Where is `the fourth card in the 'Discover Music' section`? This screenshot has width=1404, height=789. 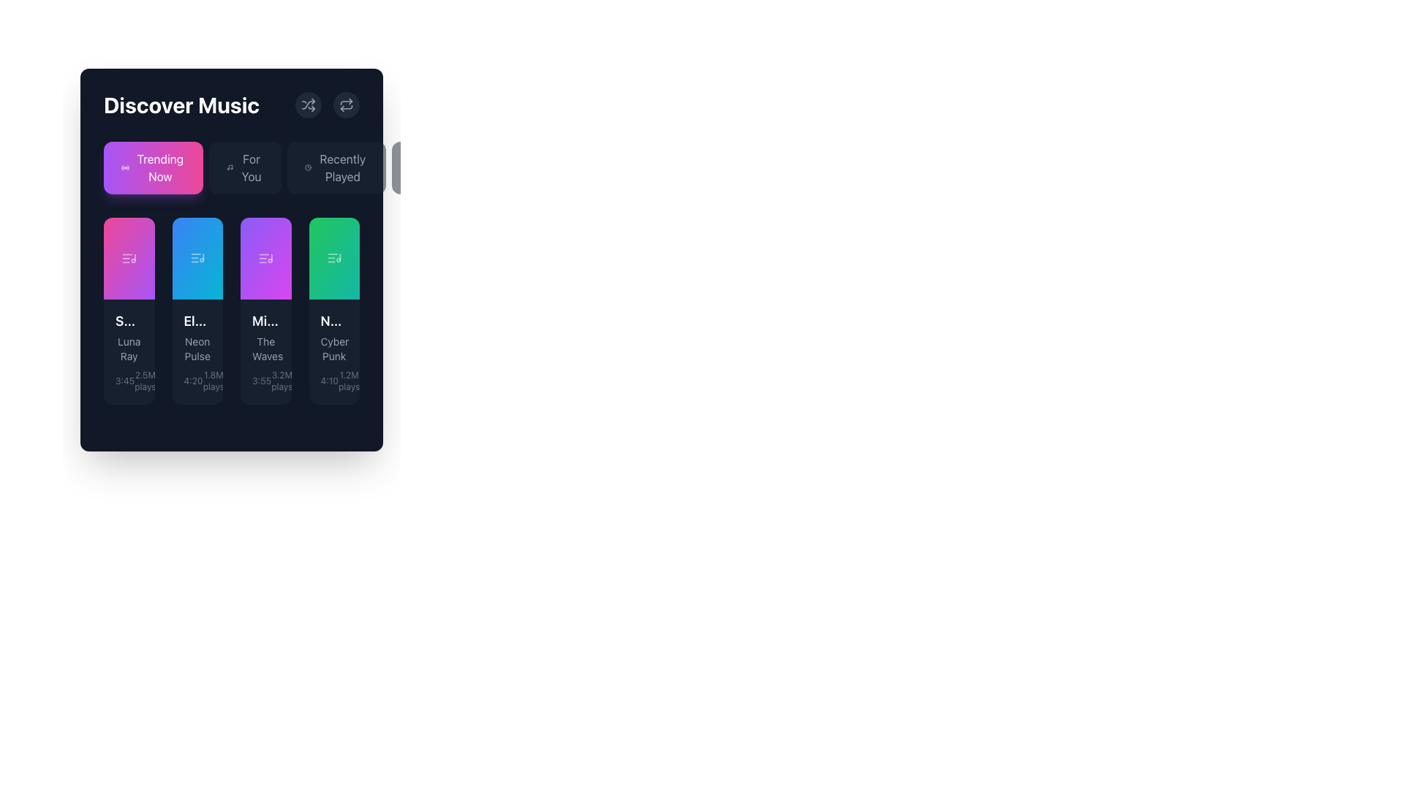 the fourth card in the 'Discover Music' section is located at coordinates (333, 258).